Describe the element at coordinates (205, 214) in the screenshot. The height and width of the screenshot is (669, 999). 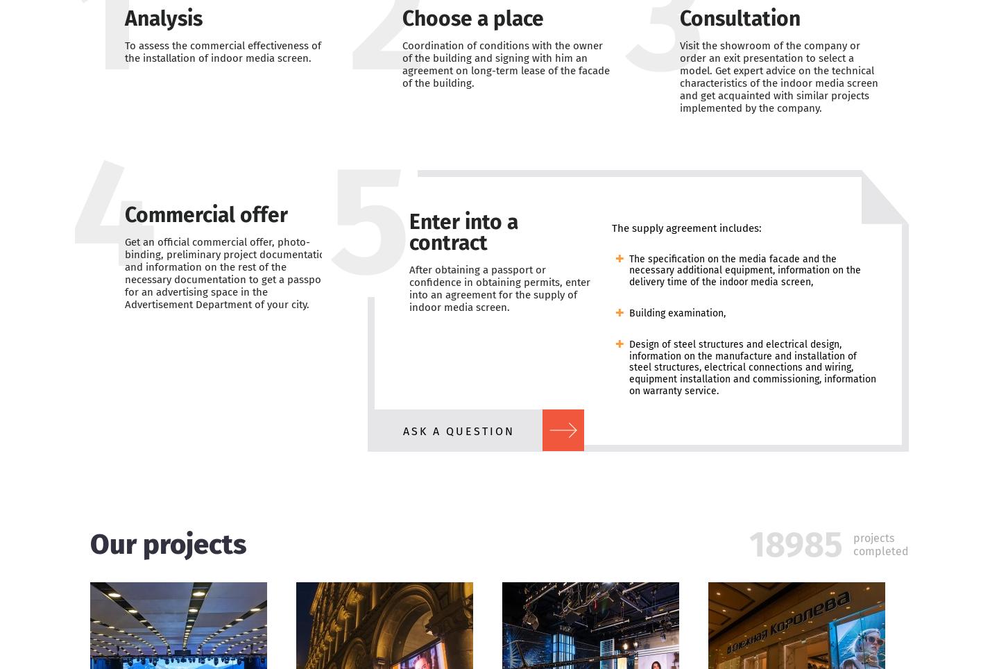
I see `'Commercial offer'` at that location.